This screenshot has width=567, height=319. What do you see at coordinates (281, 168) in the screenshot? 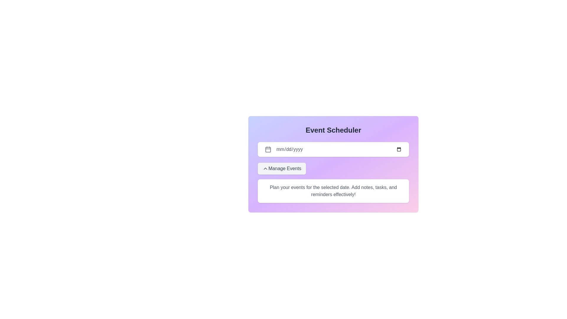
I see `the toggle button located in the lower portion of the 'Event Scheduler' section to manage events, positioned directly below the date input field` at bounding box center [281, 168].